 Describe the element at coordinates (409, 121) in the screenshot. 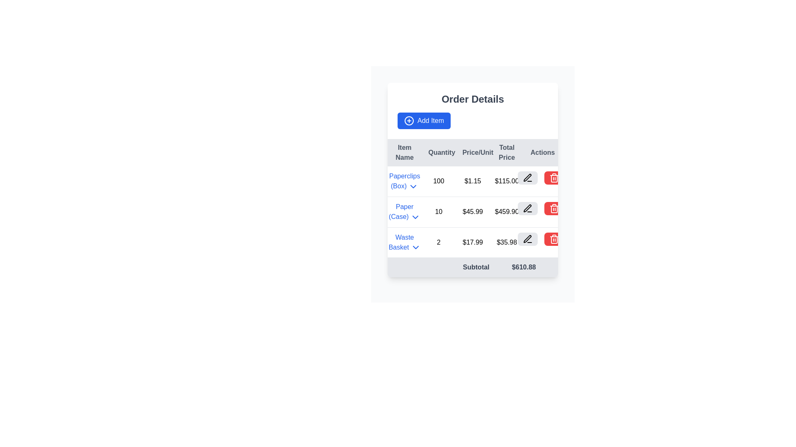

I see `the decorative icon that emphasizes the 'Add Item' button, which is centrally aligned within the button located at the top-left corner of the order details content card` at that location.